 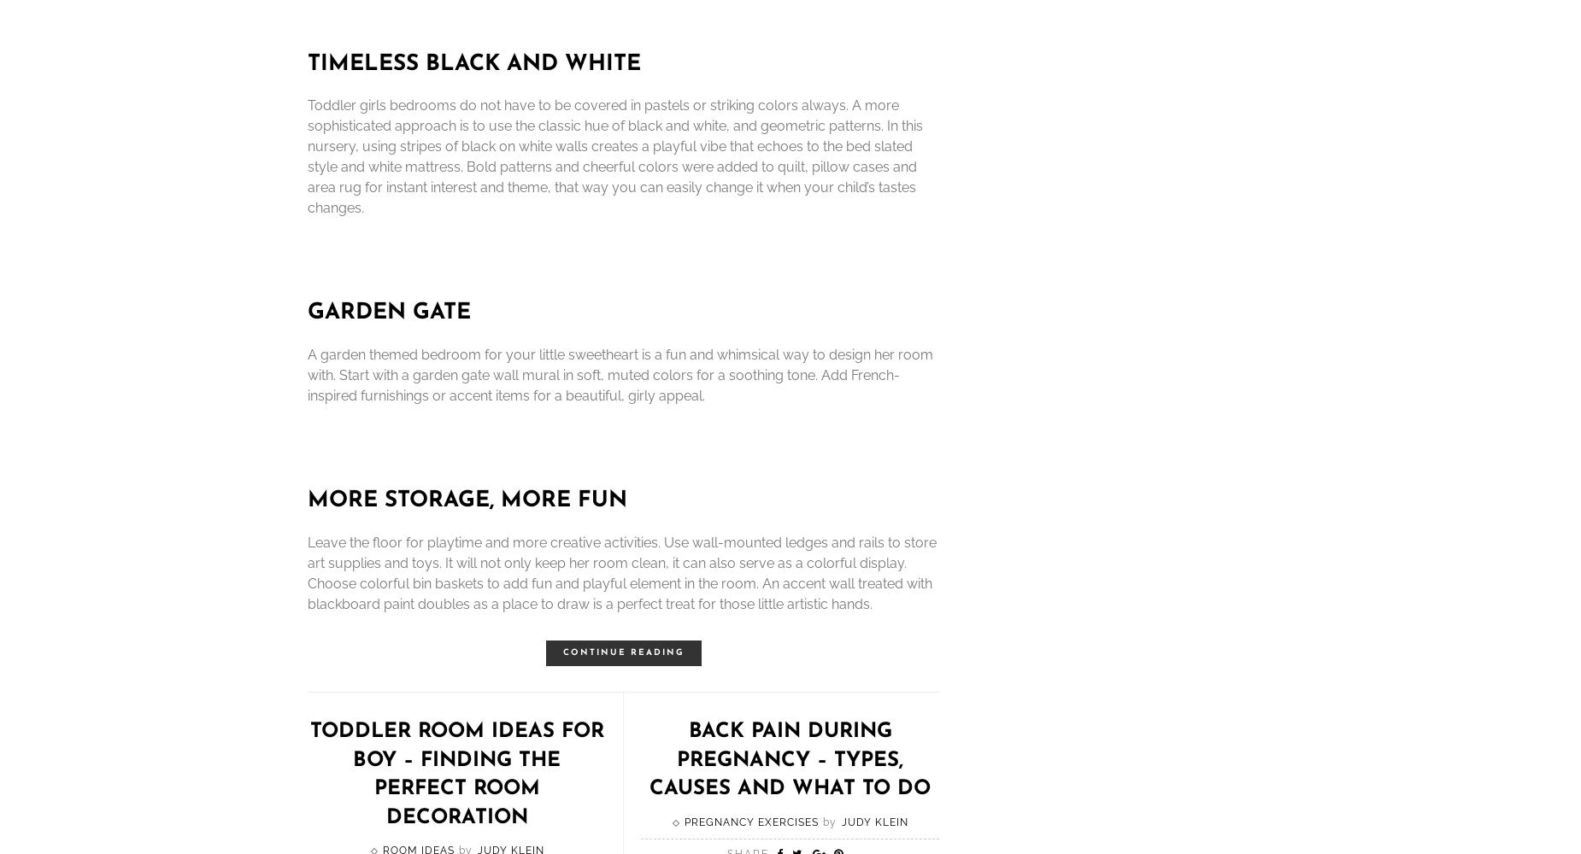 What do you see at coordinates (474, 62) in the screenshot?
I see `'Timeless Black And White'` at bounding box center [474, 62].